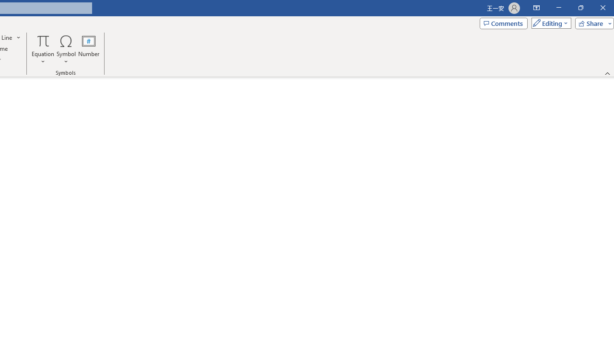 This screenshot has height=345, width=614. I want to click on 'Close', so click(602, 8).